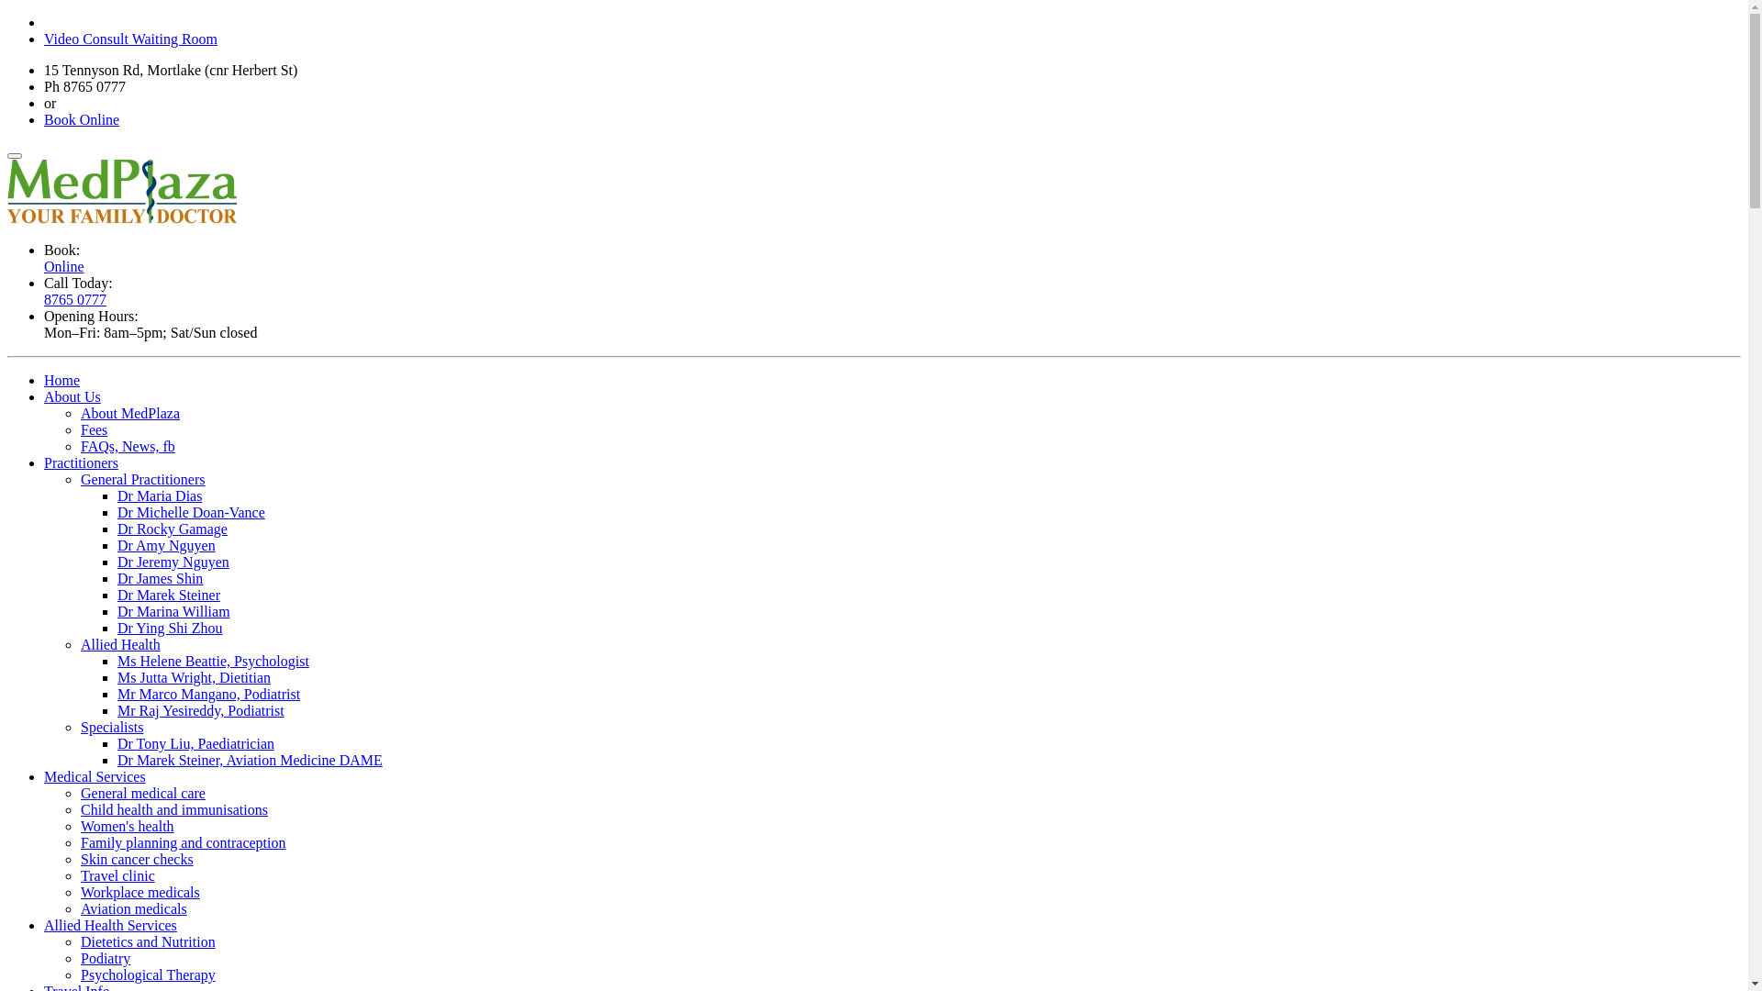 This screenshot has height=991, width=1762. What do you see at coordinates (94, 776) in the screenshot?
I see `'Medical Services'` at bounding box center [94, 776].